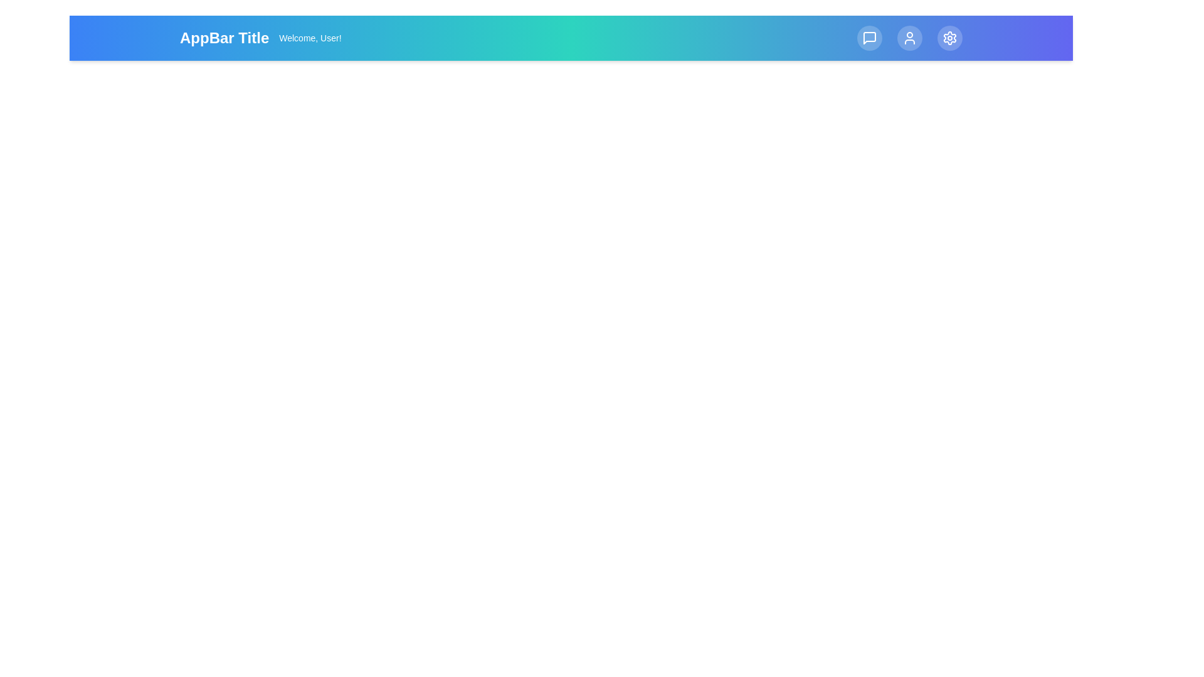  Describe the element at coordinates (950, 38) in the screenshot. I see `the 'Settings' button` at that location.